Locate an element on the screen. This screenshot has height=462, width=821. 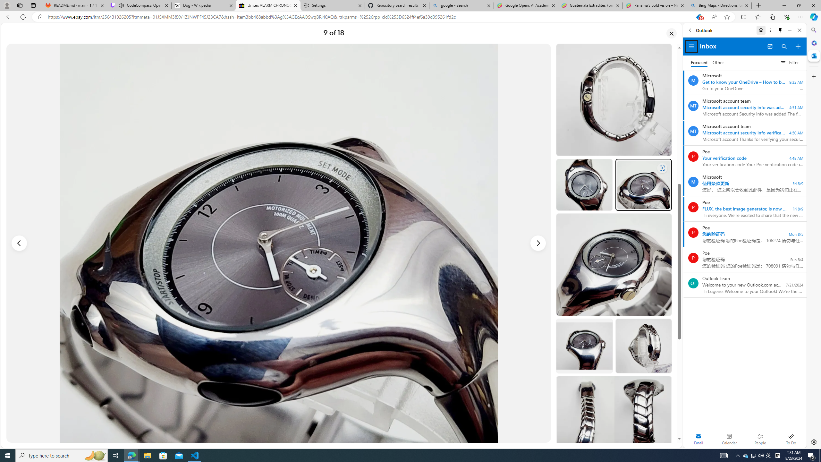
'Filter' is located at coordinates (789, 63).